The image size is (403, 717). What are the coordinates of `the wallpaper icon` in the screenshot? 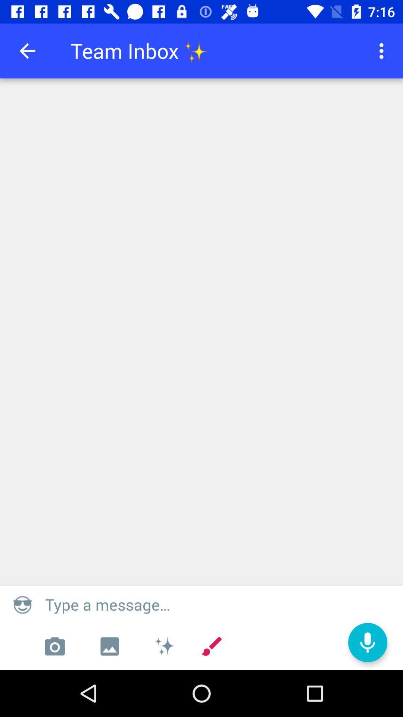 It's located at (109, 646).